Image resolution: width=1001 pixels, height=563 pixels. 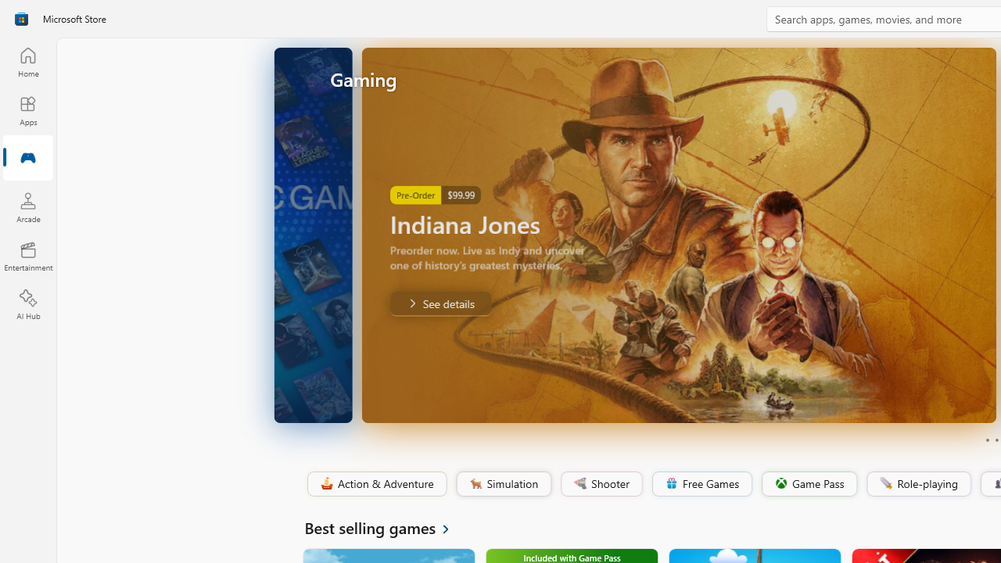 I want to click on 'Entertainment', so click(x=27, y=255).